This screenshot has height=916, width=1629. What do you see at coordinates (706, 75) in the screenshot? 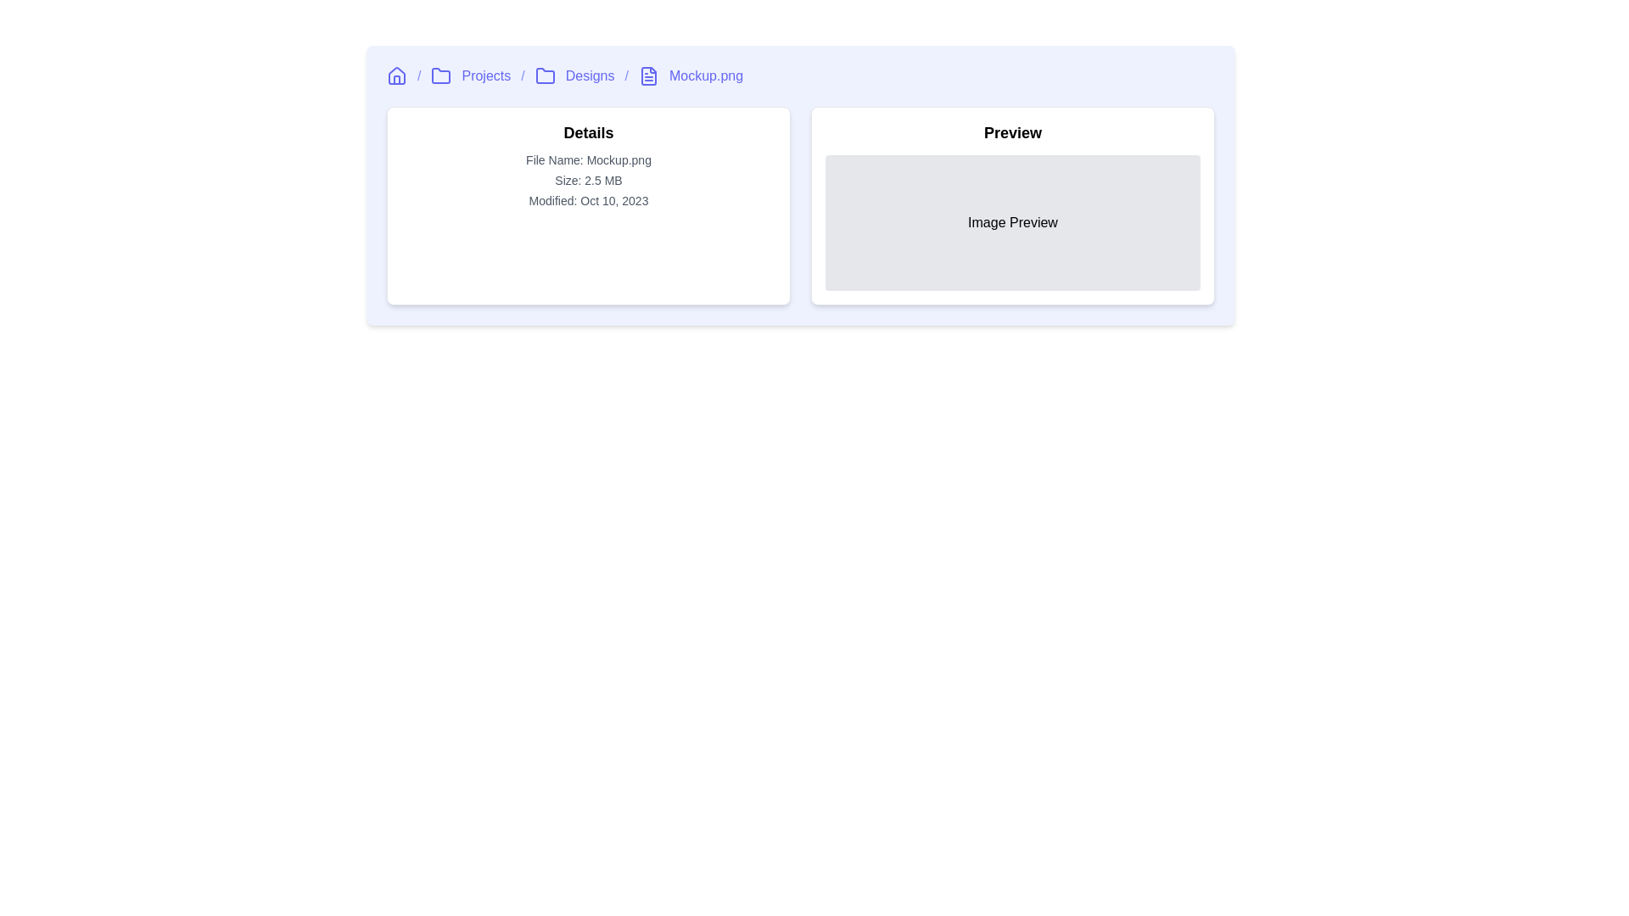
I see `the last segment of the breadcrumb navigation, which indicates the current file in focus` at bounding box center [706, 75].